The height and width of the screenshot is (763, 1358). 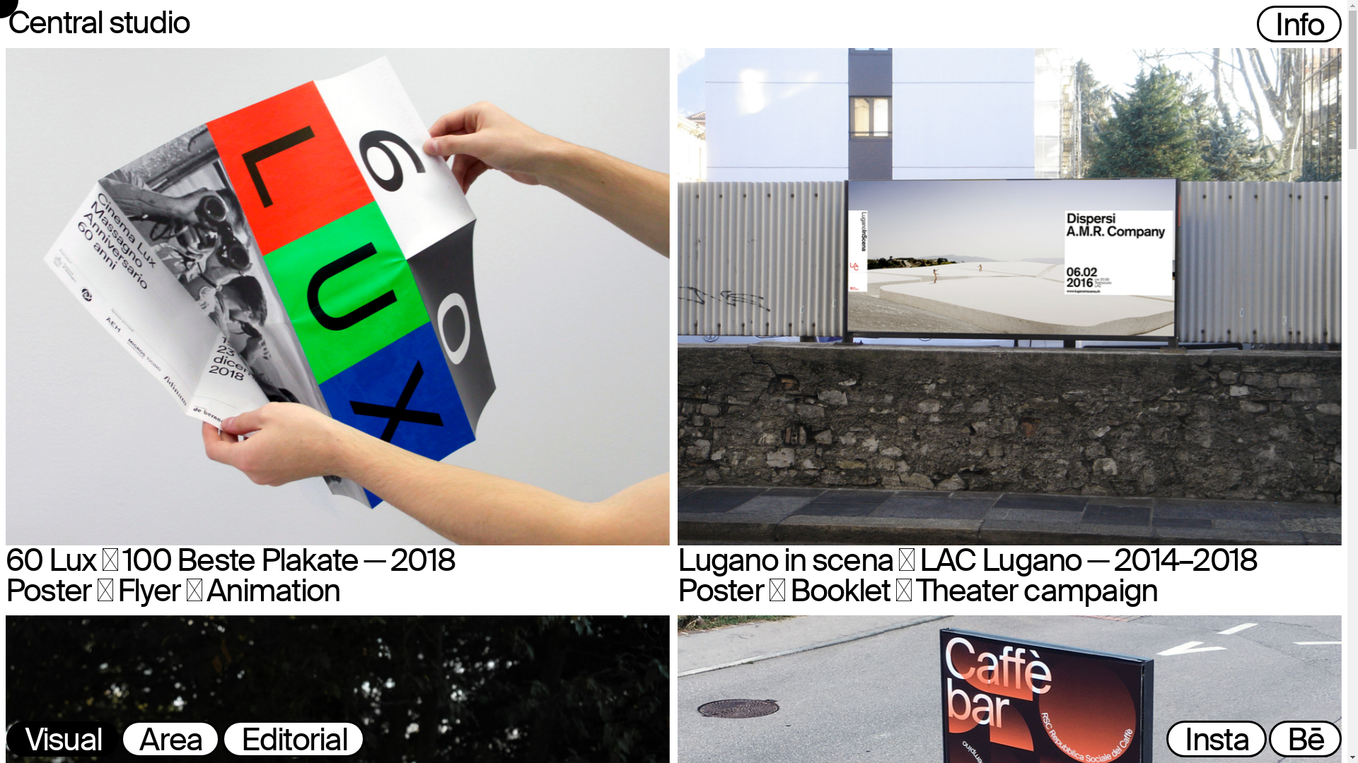 I want to click on 'Central studio', so click(x=98, y=24).